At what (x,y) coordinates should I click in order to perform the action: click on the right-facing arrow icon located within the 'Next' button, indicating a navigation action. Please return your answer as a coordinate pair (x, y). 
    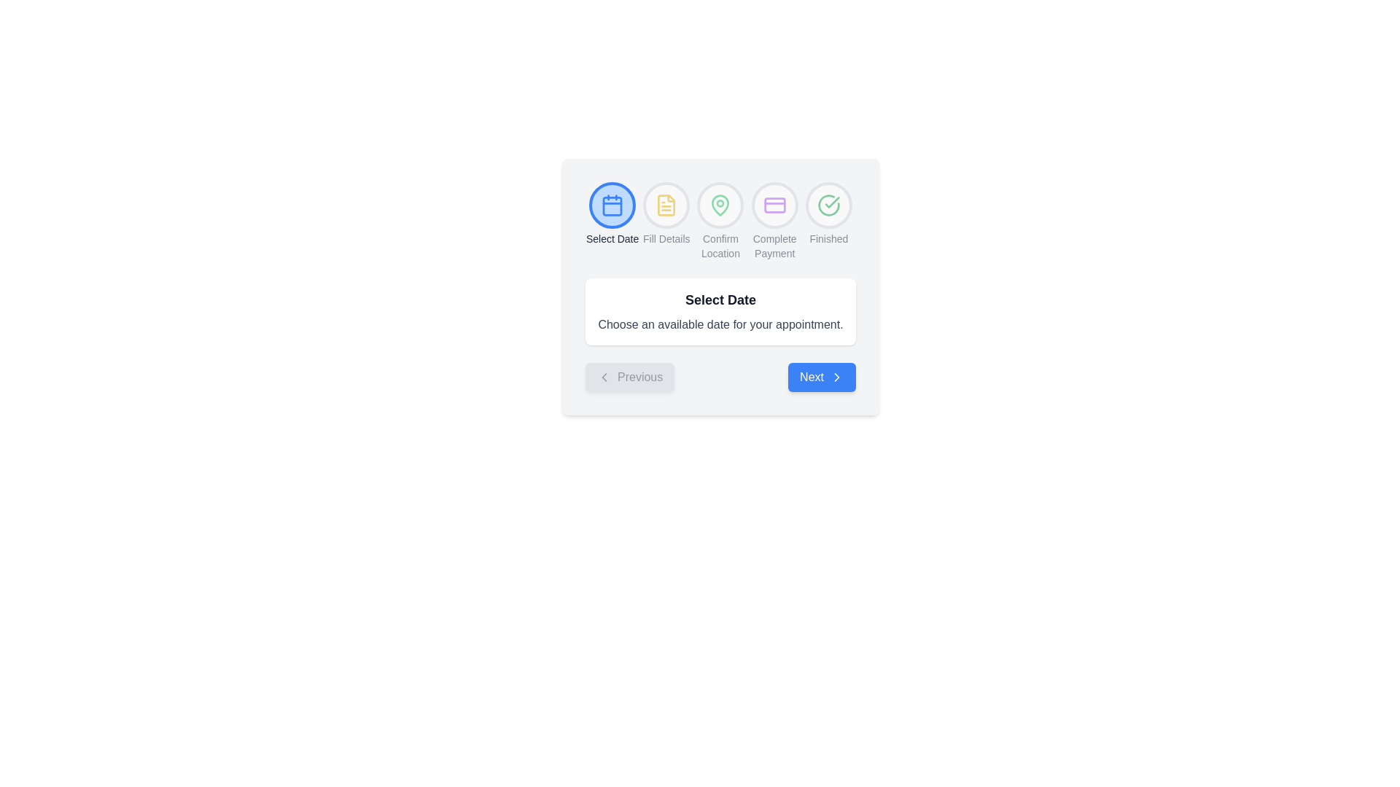
    Looking at the image, I should click on (836, 376).